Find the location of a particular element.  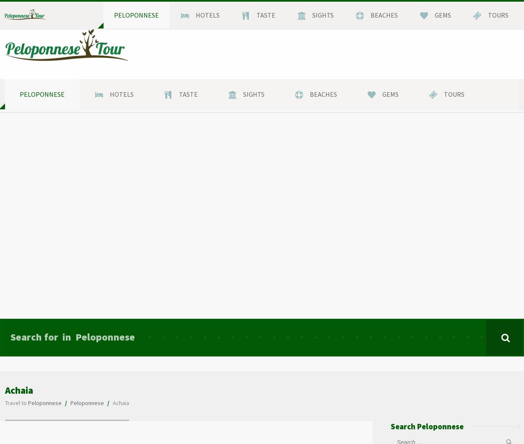

'Beaches' is located at coordinates (323, 94).